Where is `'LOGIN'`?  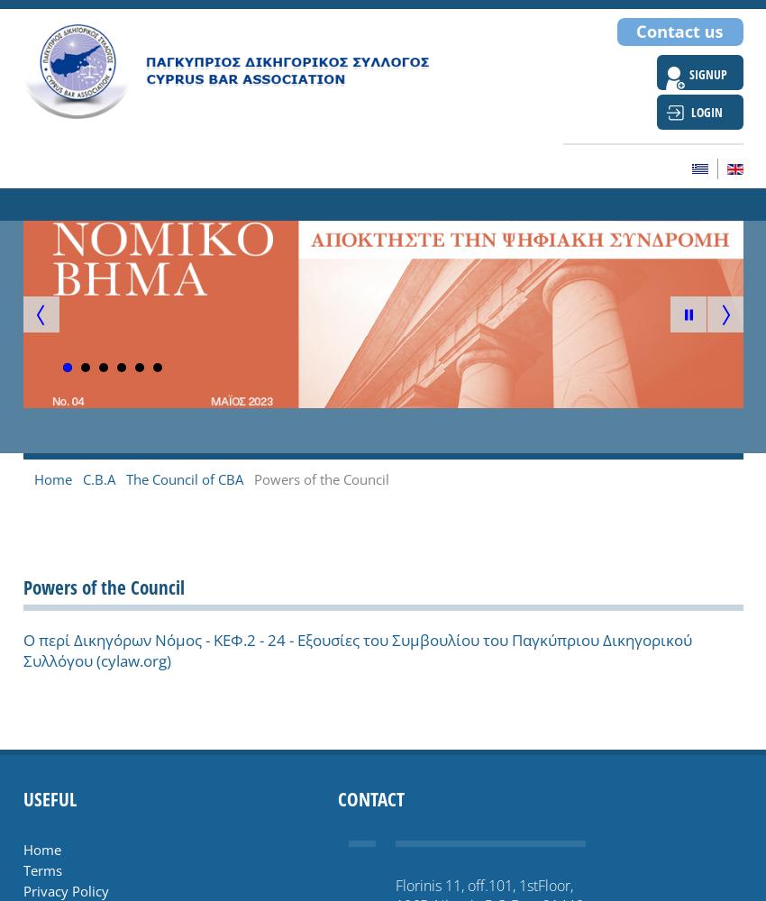 'LOGIN' is located at coordinates (705, 111).